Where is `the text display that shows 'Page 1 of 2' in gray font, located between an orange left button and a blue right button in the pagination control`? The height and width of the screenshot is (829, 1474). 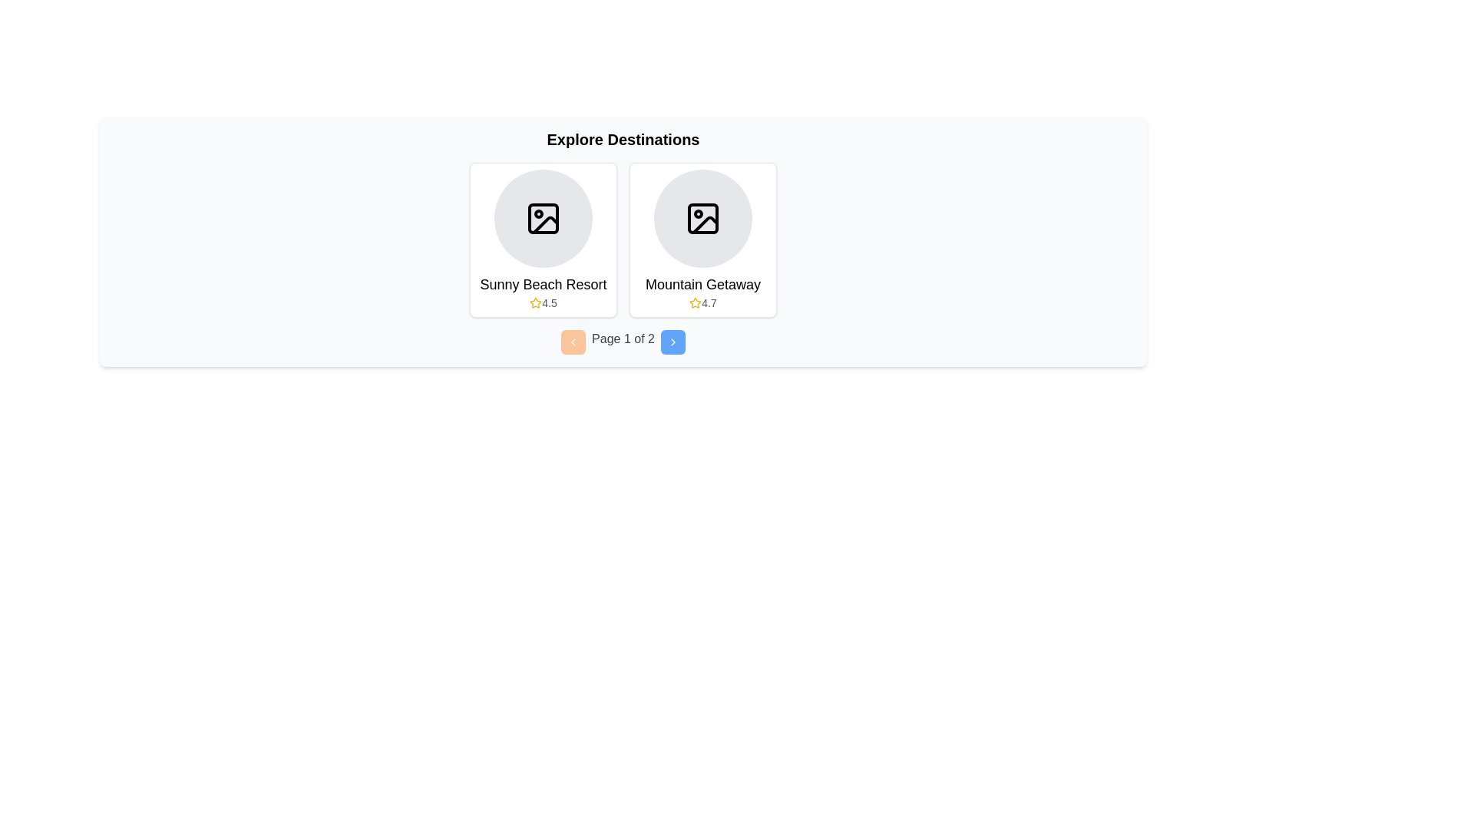 the text display that shows 'Page 1 of 2' in gray font, located between an orange left button and a blue right button in the pagination control is located at coordinates (623, 342).